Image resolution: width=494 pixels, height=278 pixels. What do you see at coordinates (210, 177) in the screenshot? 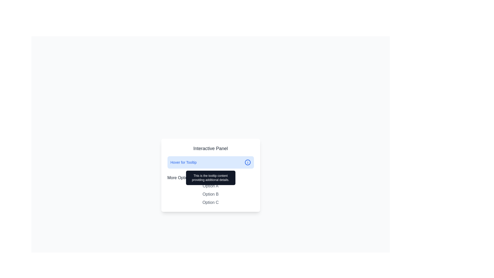
I see `the tooltip that appears below the 'Hover for Tooltip' button to provide additional context or information` at bounding box center [210, 177].